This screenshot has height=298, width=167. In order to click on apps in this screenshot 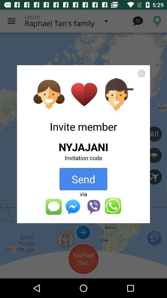, I will do `click(83, 206)`.